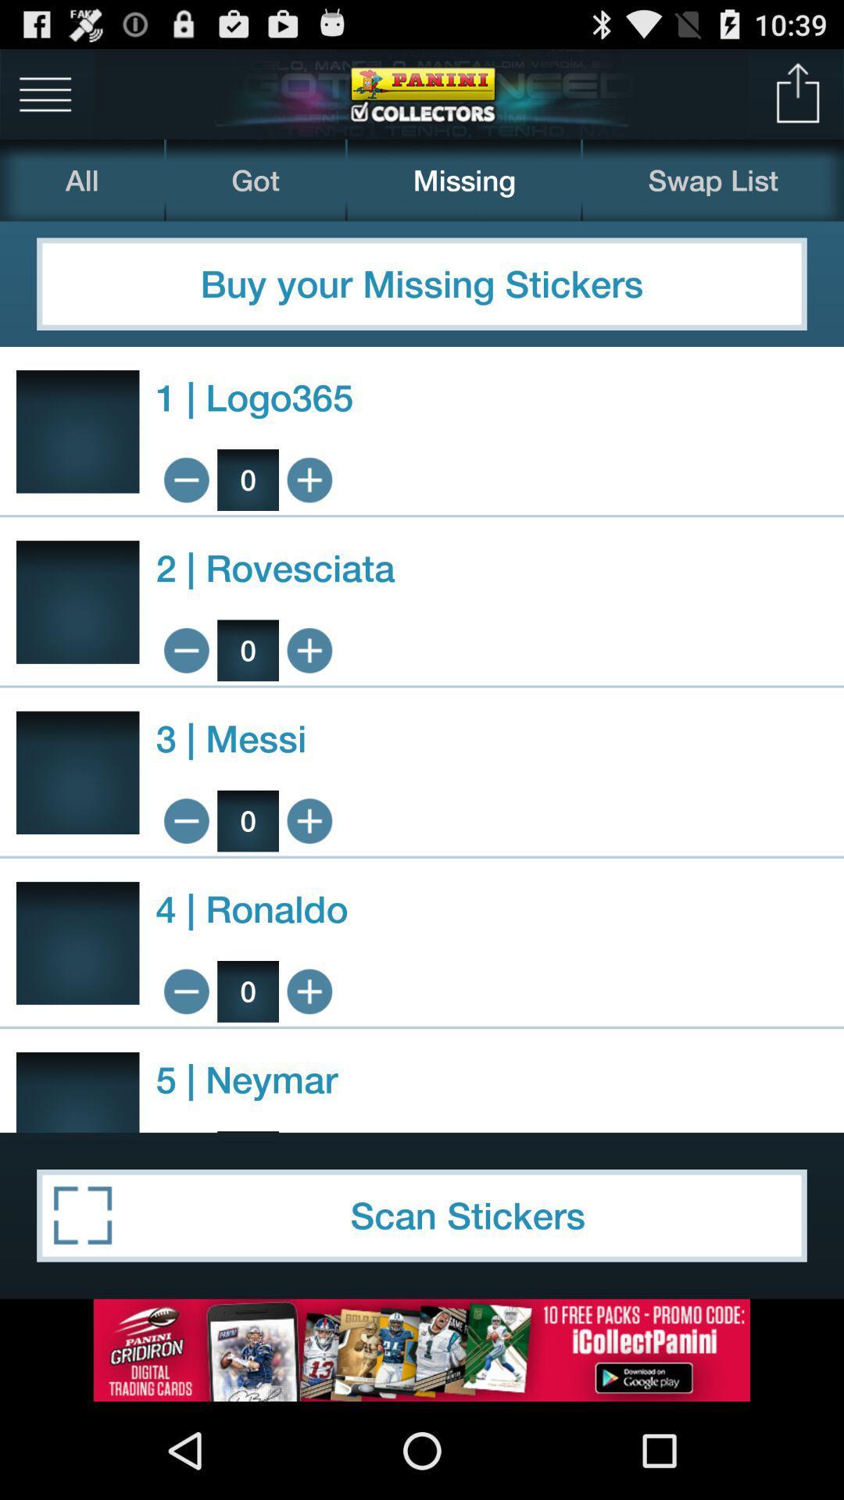 The image size is (844, 1500). Describe the element at coordinates (309, 820) in the screenshot. I see `increase button` at that location.